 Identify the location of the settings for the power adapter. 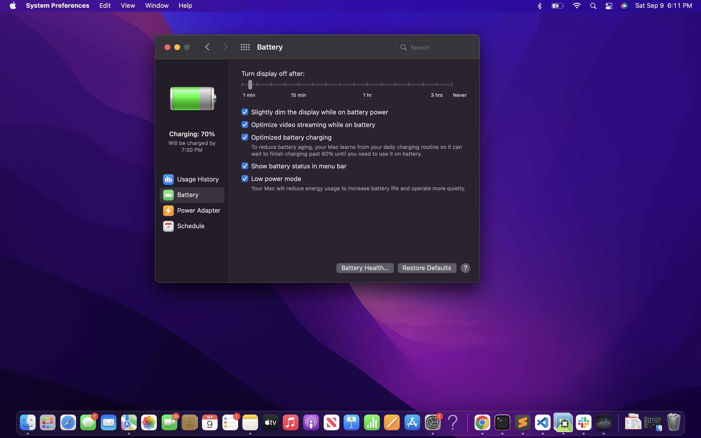
(191, 211).